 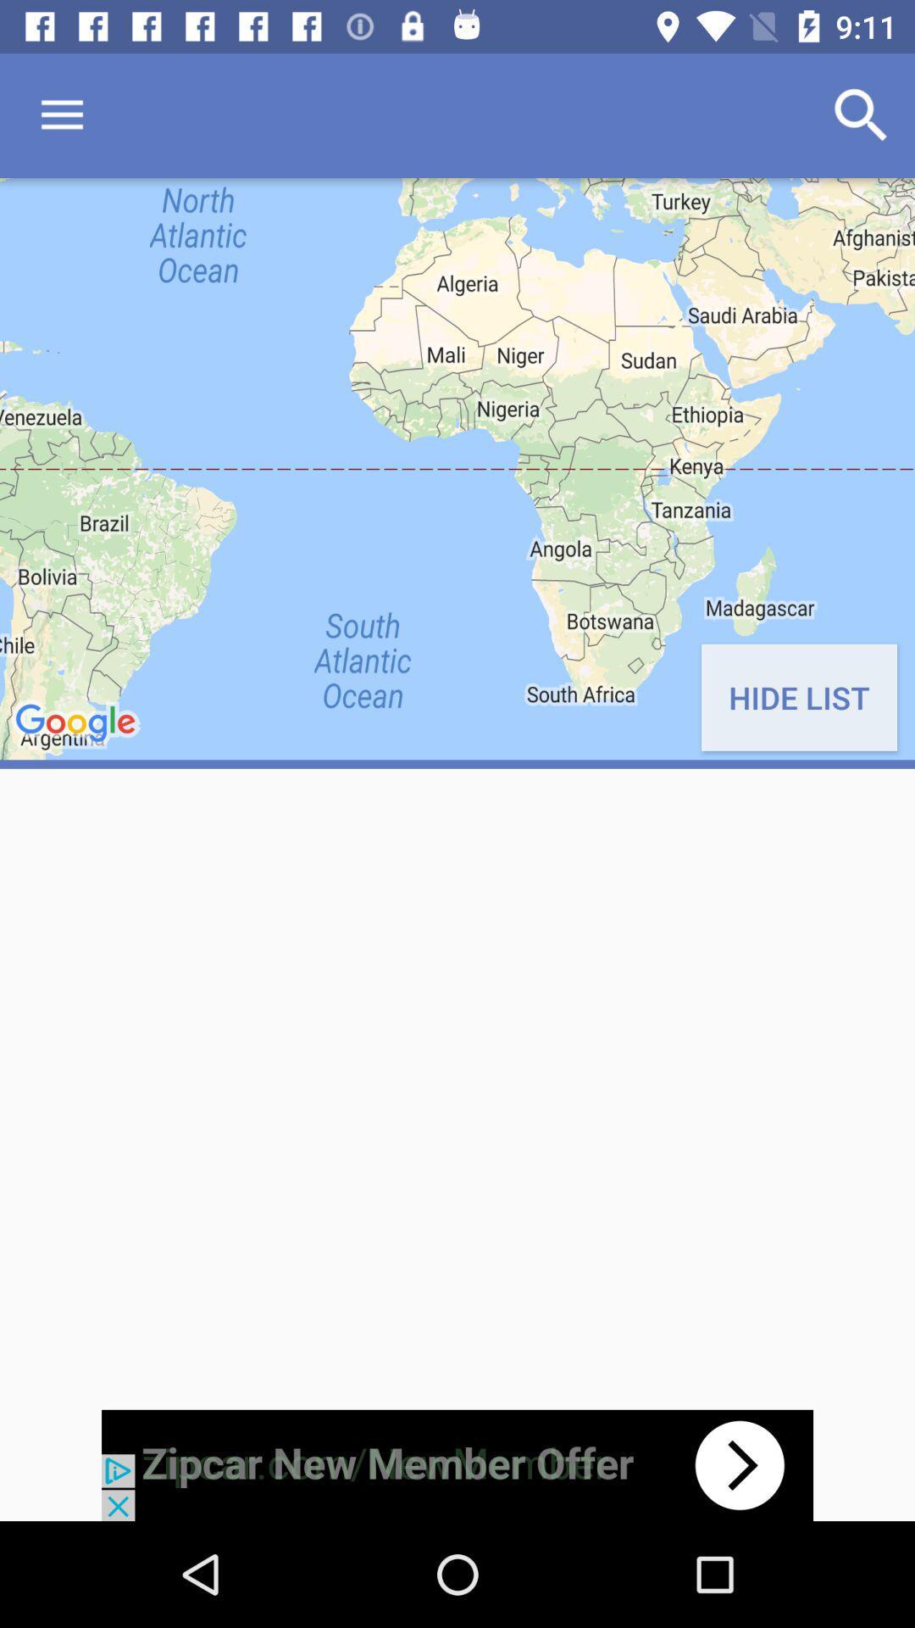 I want to click on hide list item, so click(x=799, y=697).